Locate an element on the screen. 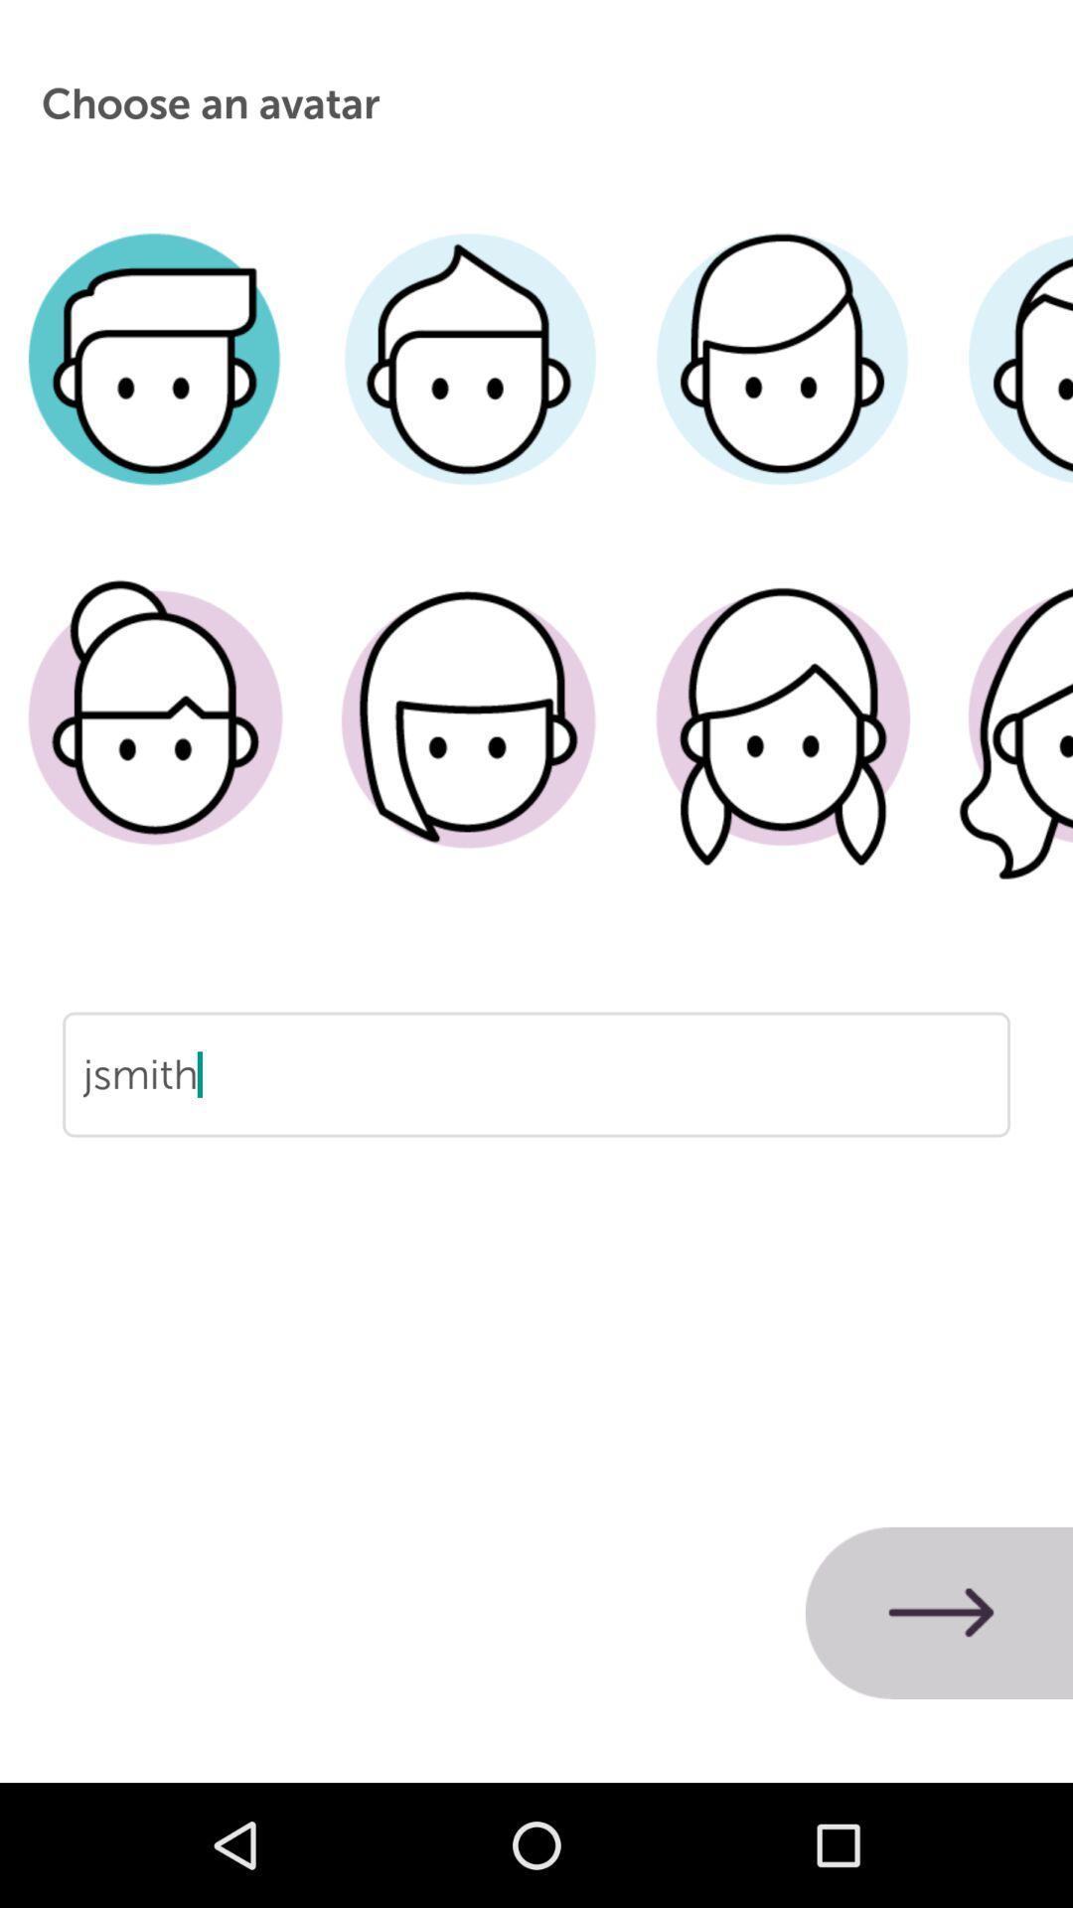 The width and height of the screenshot is (1073, 1908). profile avator is located at coordinates (469, 747).